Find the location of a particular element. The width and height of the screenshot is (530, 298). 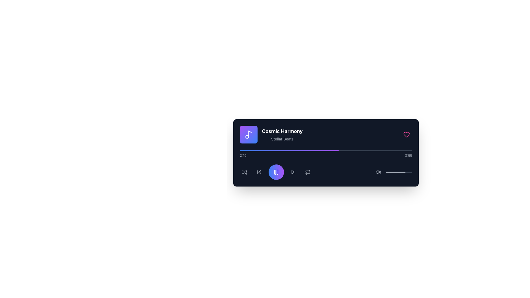

the volume slider is located at coordinates (408, 172).